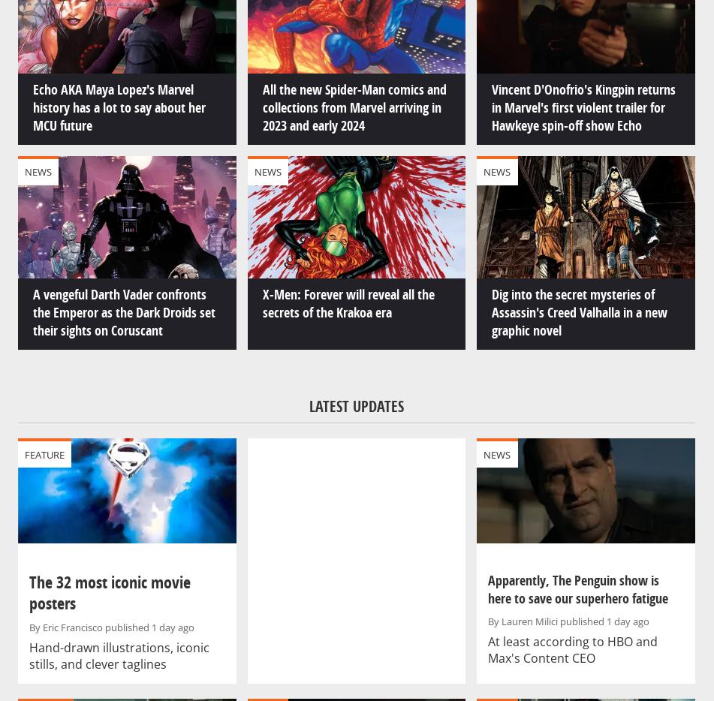 The height and width of the screenshot is (701, 714). What do you see at coordinates (119, 107) in the screenshot?
I see `'Echo AKA Maya Lopez's Marvel history has a lot to say about her MCU future'` at bounding box center [119, 107].